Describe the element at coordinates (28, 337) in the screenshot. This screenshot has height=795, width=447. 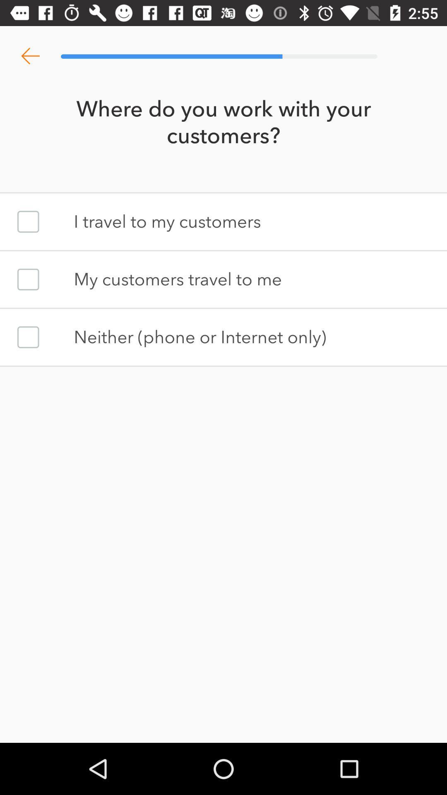
I see `answer` at that location.